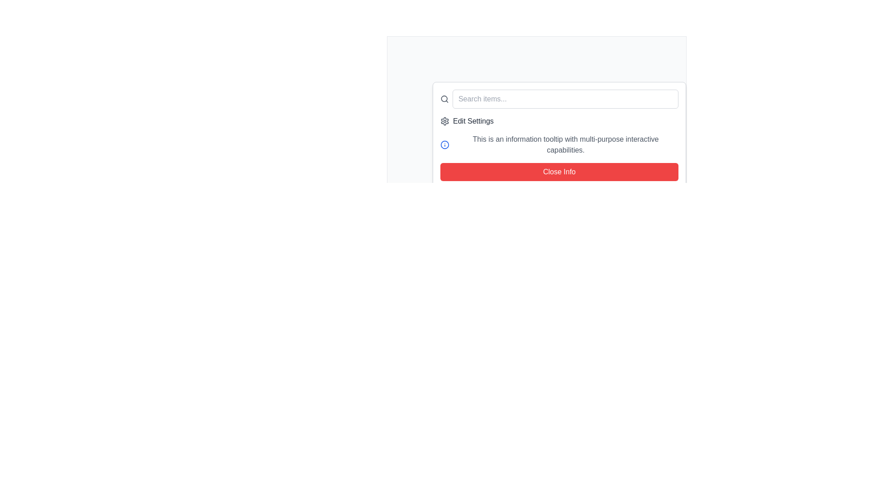 This screenshot has width=869, height=489. What do you see at coordinates (444, 99) in the screenshot?
I see `the circular part of the magnifying glass icon, which is positioned in the top-left corner of the card interface` at bounding box center [444, 99].